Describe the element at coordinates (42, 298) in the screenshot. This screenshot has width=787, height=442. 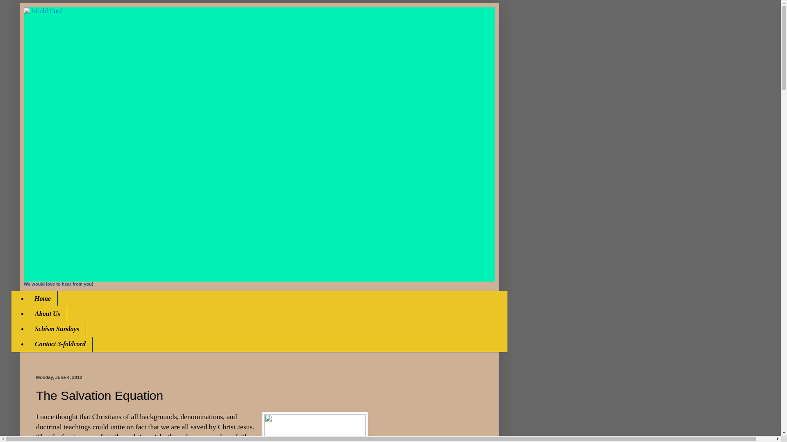
I see `'Home'` at that location.